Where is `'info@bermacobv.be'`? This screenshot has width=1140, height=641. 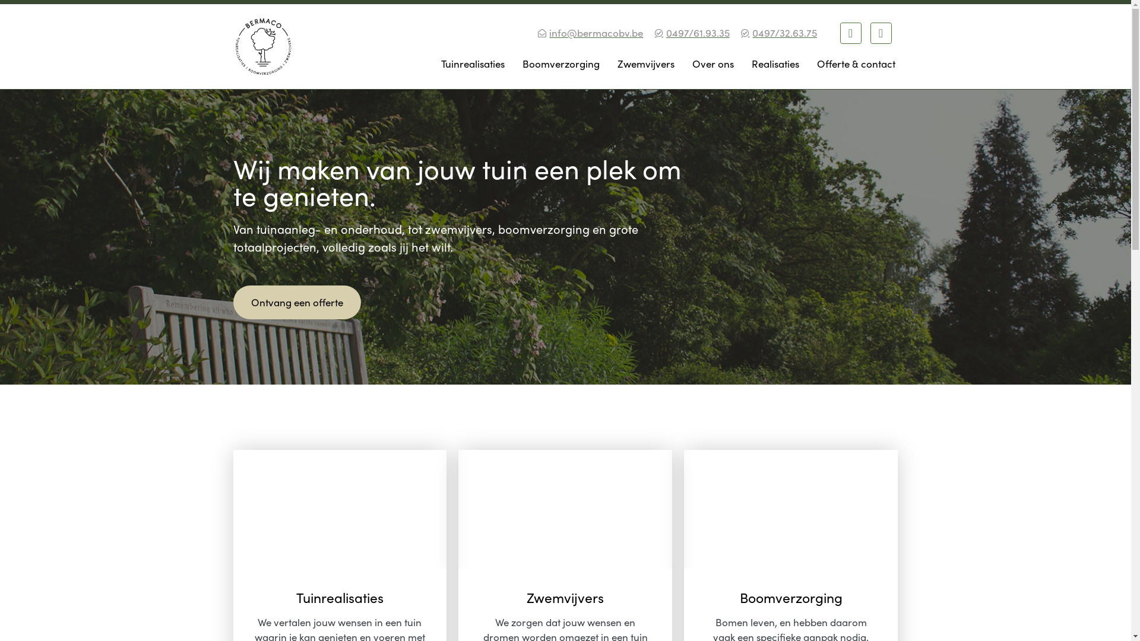
'info@bermacobv.be' is located at coordinates (590, 33).